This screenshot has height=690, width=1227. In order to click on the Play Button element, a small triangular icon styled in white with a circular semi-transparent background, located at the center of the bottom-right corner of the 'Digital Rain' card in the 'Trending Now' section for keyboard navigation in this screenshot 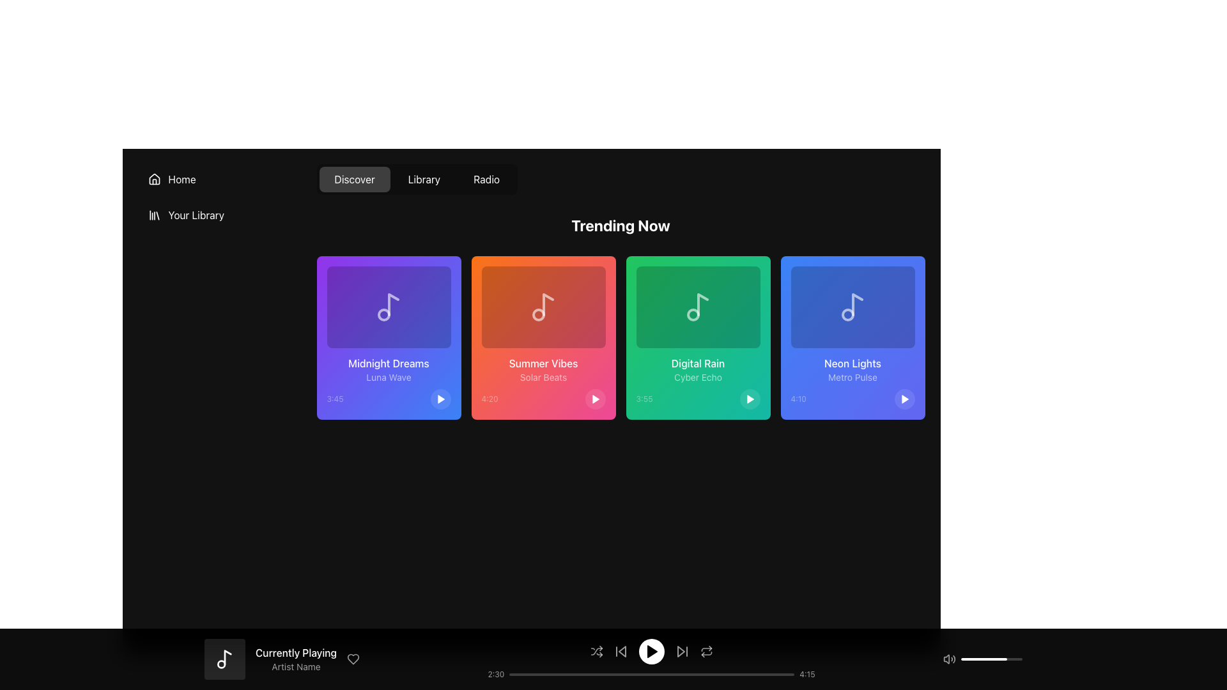, I will do `click(750, 398)`.